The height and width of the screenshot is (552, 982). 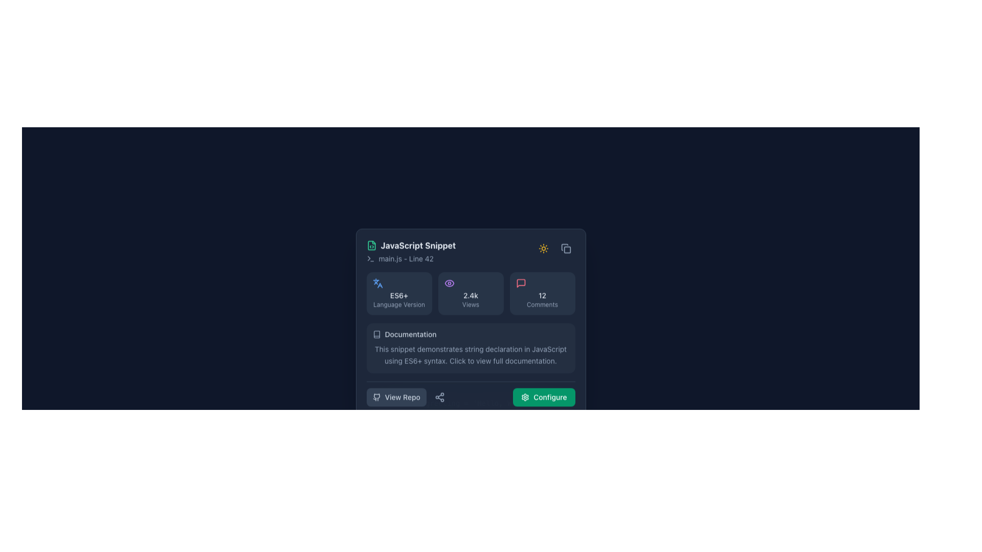 I want to click on text label indicating the configuration action located inside the green button at the bottom-right of the card-like component, so click(x=549, y=396).